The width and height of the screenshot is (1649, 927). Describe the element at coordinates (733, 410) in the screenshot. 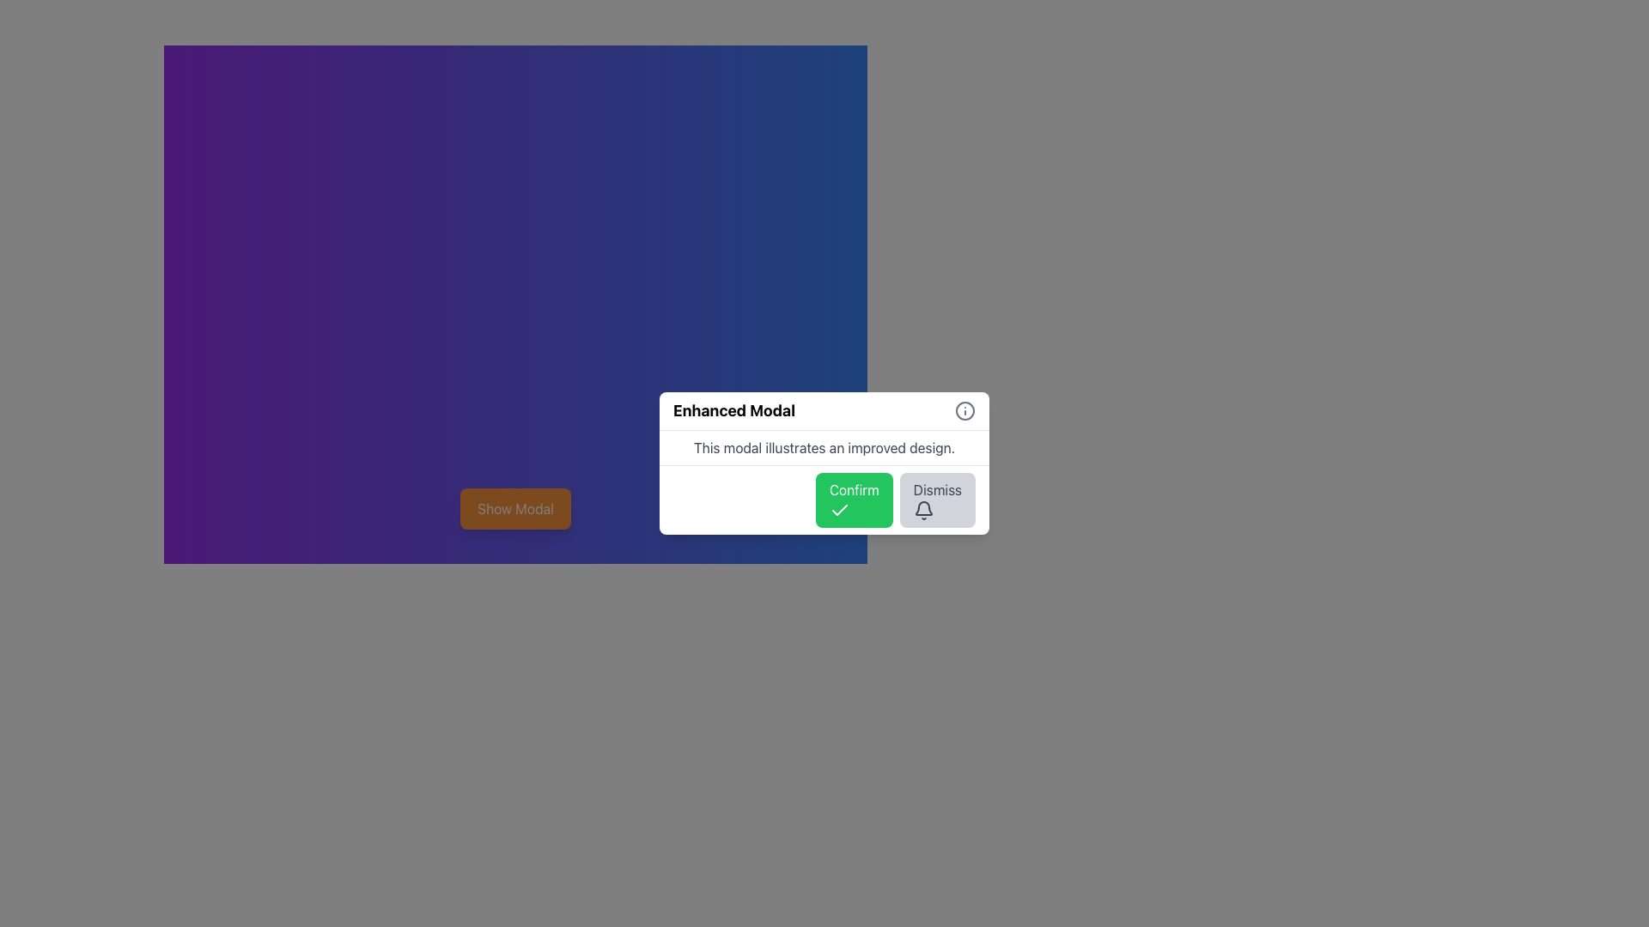

I see `the static text label that serves as the title of the modal dialog, located at the top-left corner of the header section, positioned before interactive elements like the close button` at that location.